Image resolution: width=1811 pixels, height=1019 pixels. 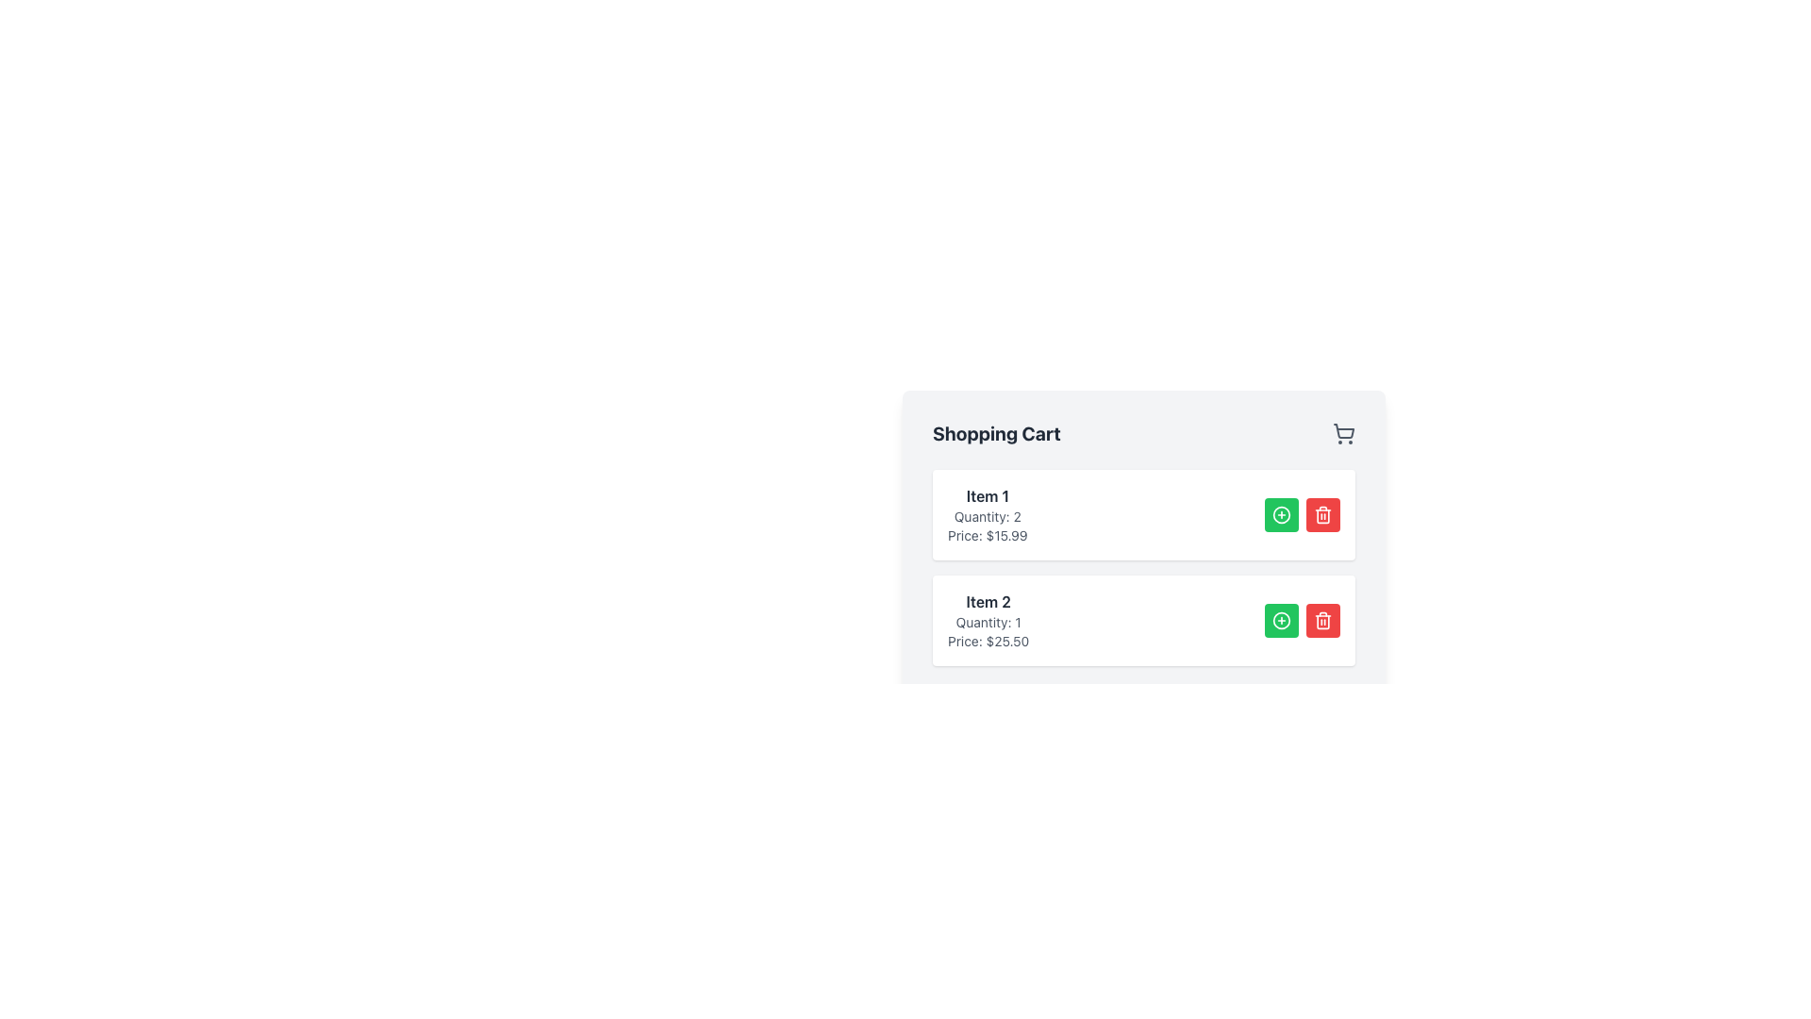 What do you see at coordinates (1321, 515) in the screenshot?
I see `the remove button for 'Item 2' in the shopping cart` at bounding box center [1321, 515].